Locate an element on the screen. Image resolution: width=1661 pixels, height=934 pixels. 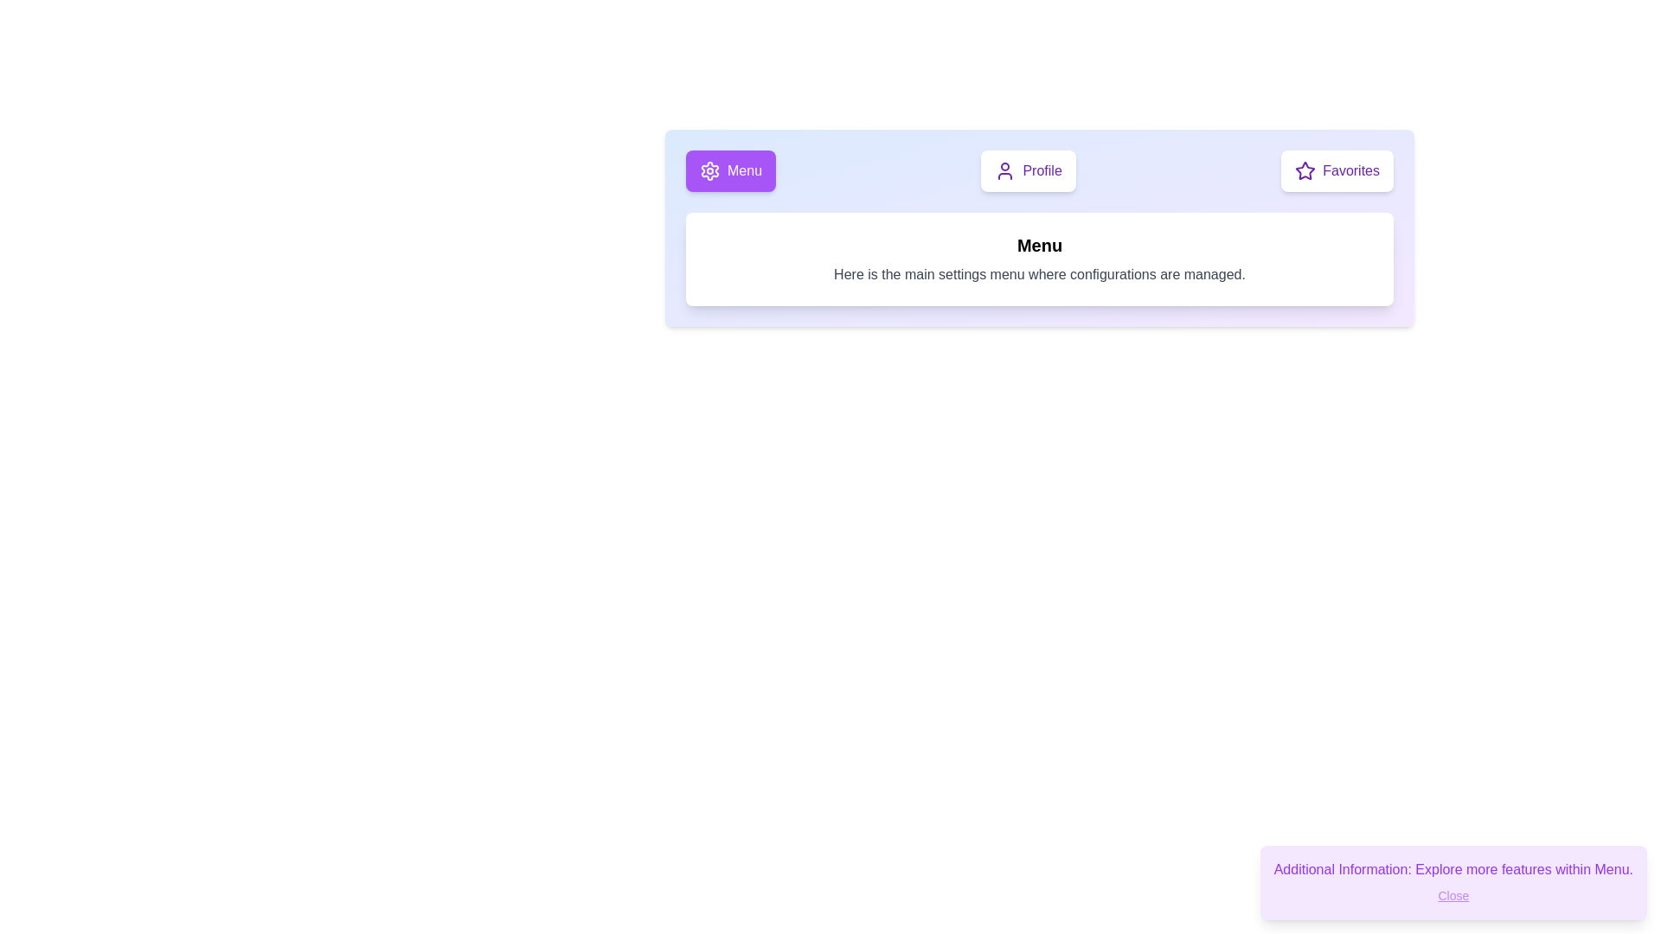
displayed information from the informational popup located at the bottom-right corner of the interface is located at coordinates (1453, 883).